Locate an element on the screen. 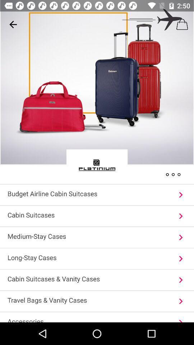  the icon which is right to cabin suitcase is located at coordinates (180, 216).